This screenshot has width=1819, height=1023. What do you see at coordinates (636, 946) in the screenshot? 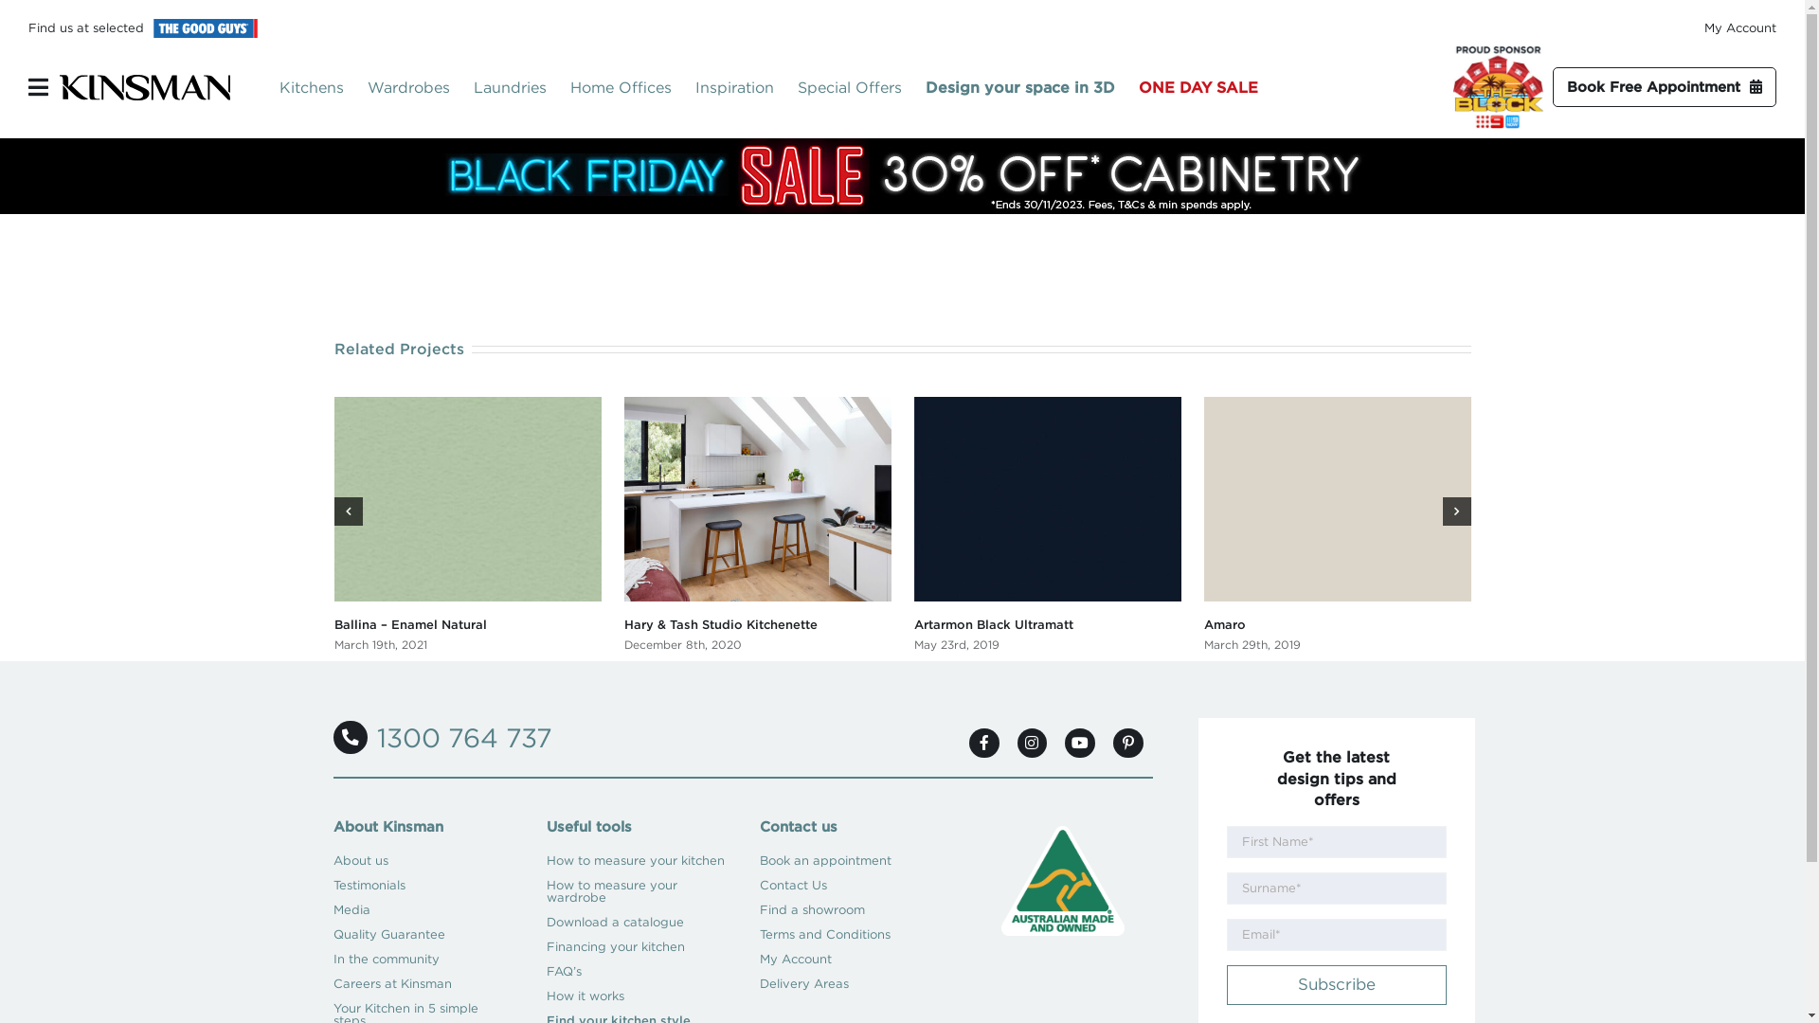
I see `'Financing your kitchen'` at bounding box center [636, 946].